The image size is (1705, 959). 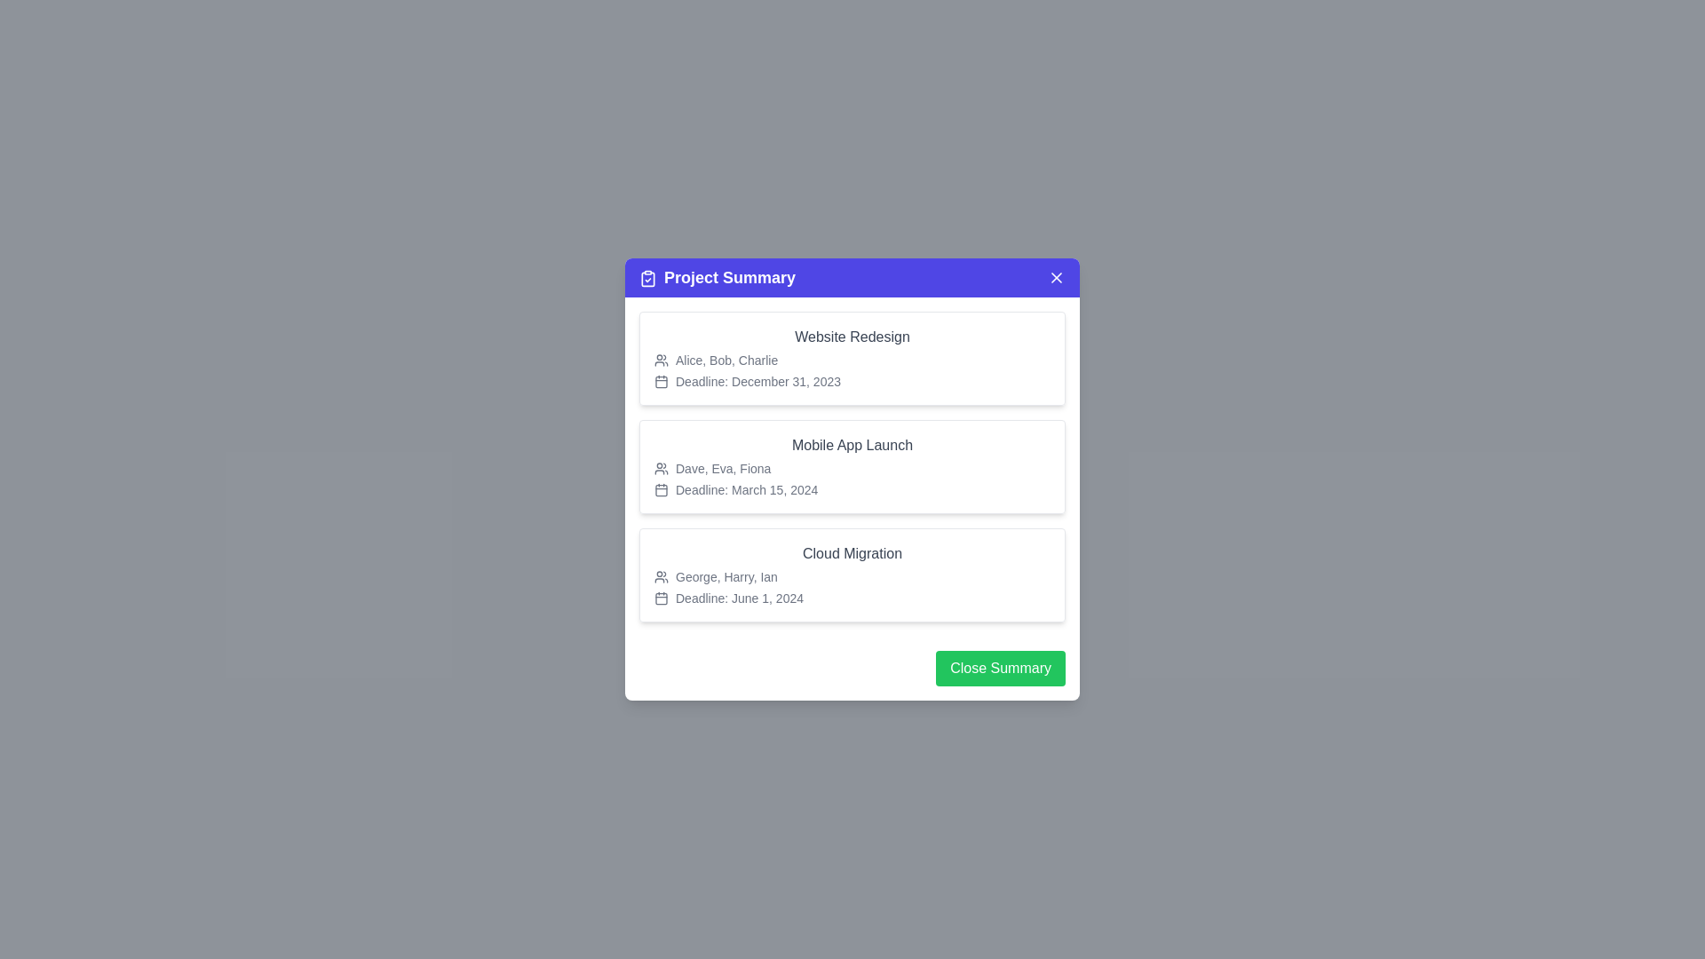 What do you see at coordinates (1057, 277) in the screenshot?
I see `close button to close the Project Summary dialog` at bounding box center [1057, 277].